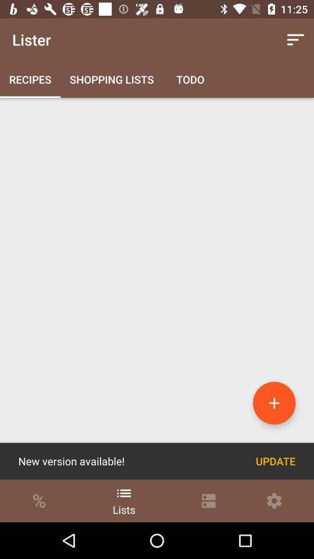 Image resolution: width=314 pixels, height=559 pixels. I want to click on item to the right of lister item, so click(295, 40).